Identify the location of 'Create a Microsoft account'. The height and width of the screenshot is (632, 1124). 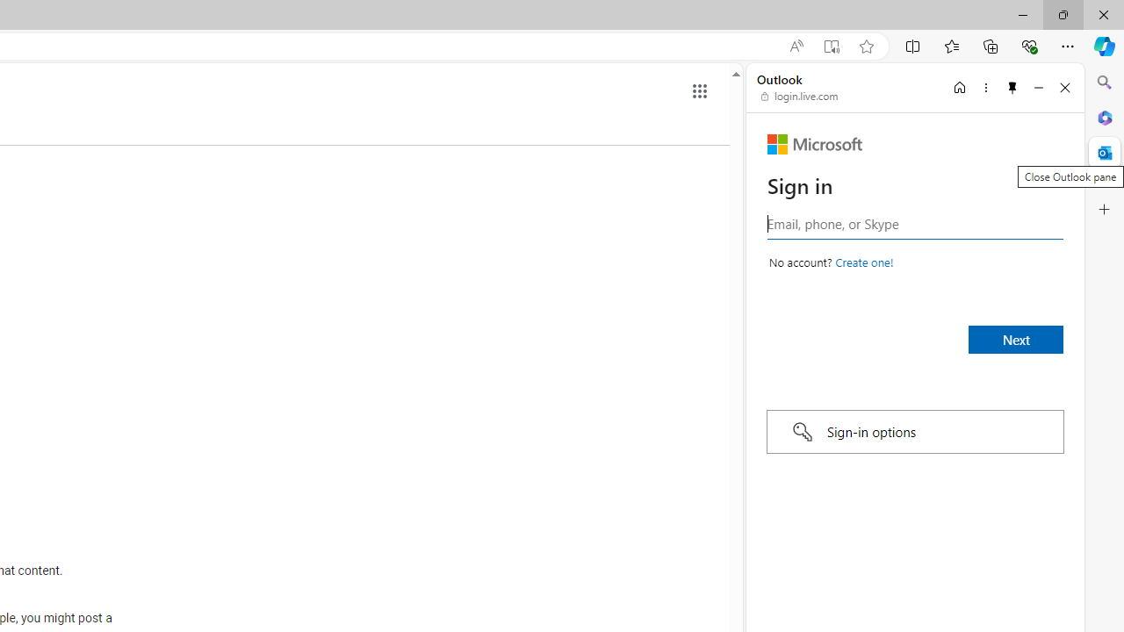
(864, 262).